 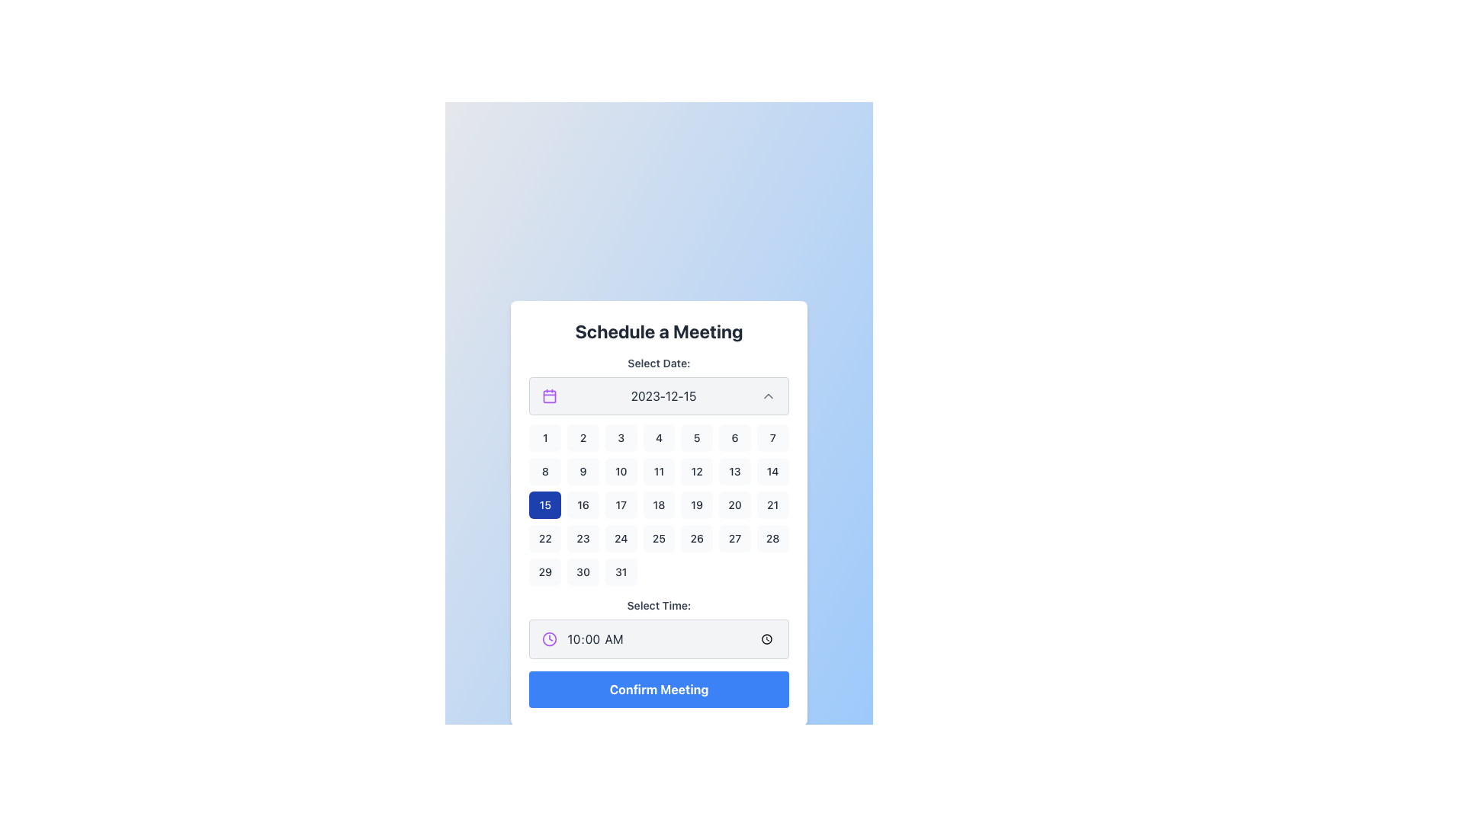 What do you see at coordinates (545, 505) in the screenshot?
I see `the button displaying the number '15' in the calendar view with a deep blue background` at bounding box center [545, 505].